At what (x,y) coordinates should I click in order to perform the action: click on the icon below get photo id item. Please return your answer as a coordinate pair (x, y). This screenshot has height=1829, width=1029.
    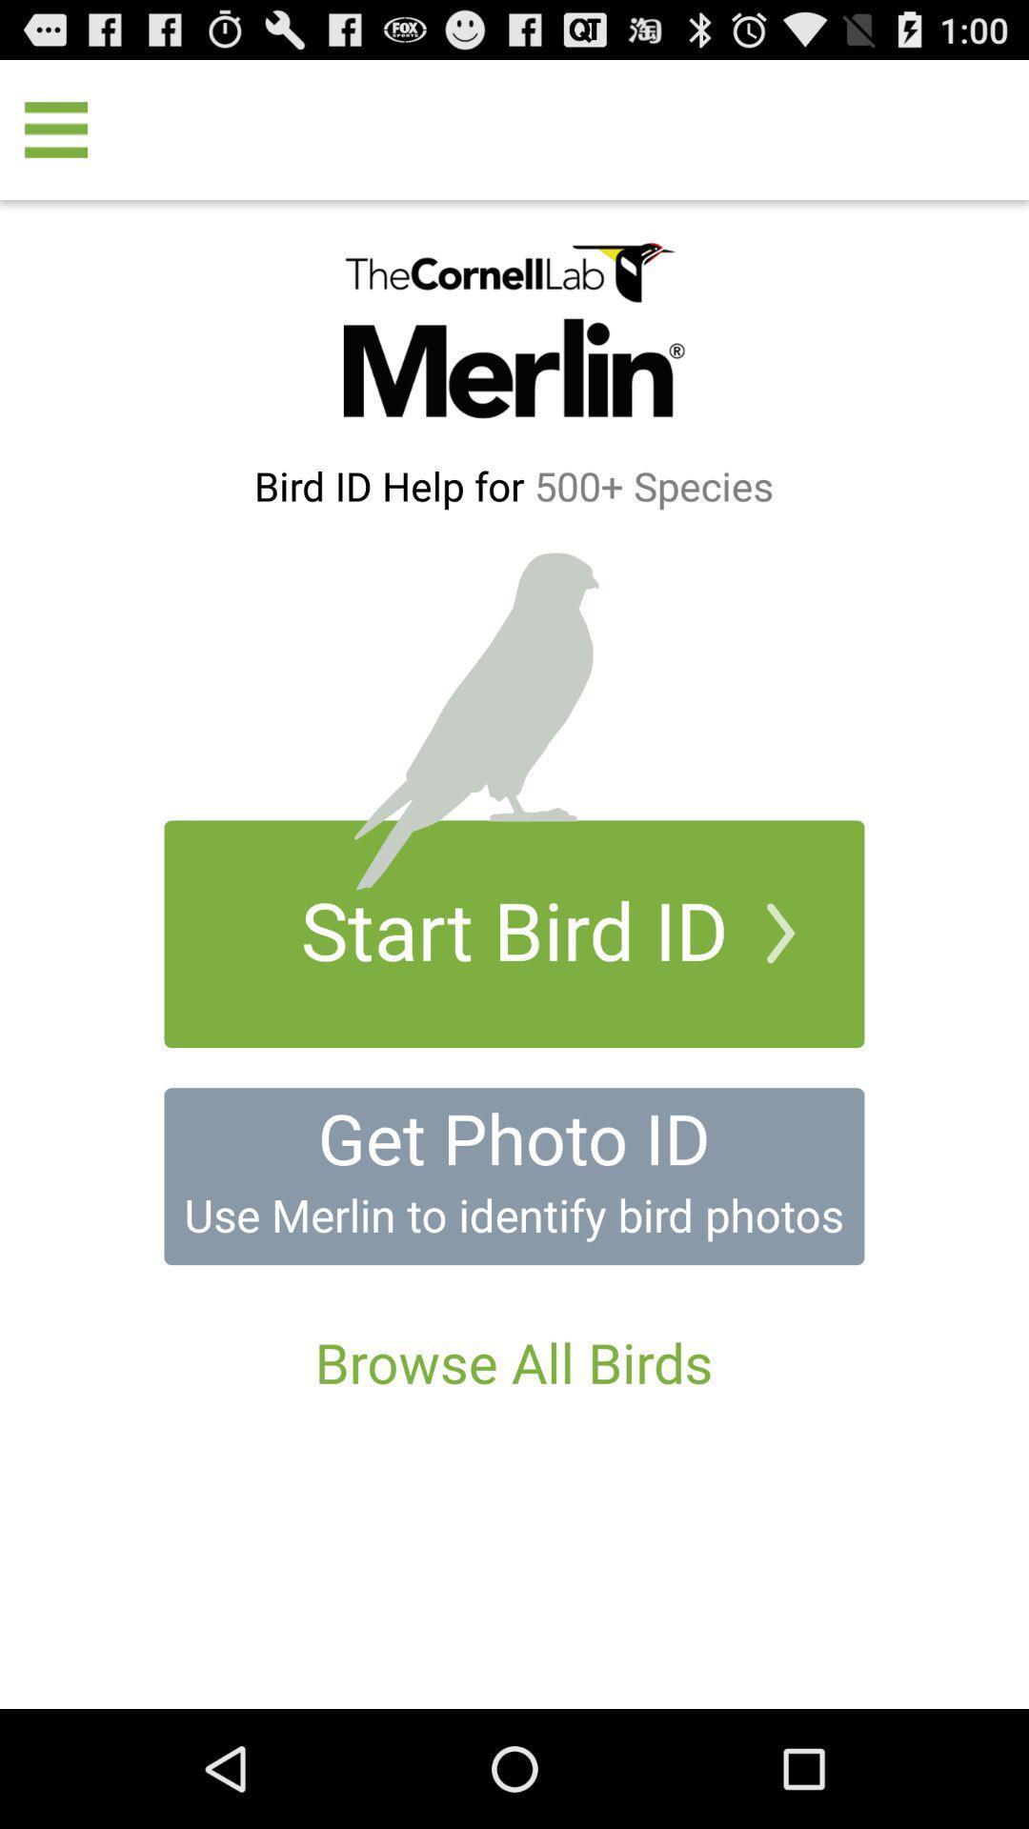
    Looking at the image, I should click on (513, 1214).